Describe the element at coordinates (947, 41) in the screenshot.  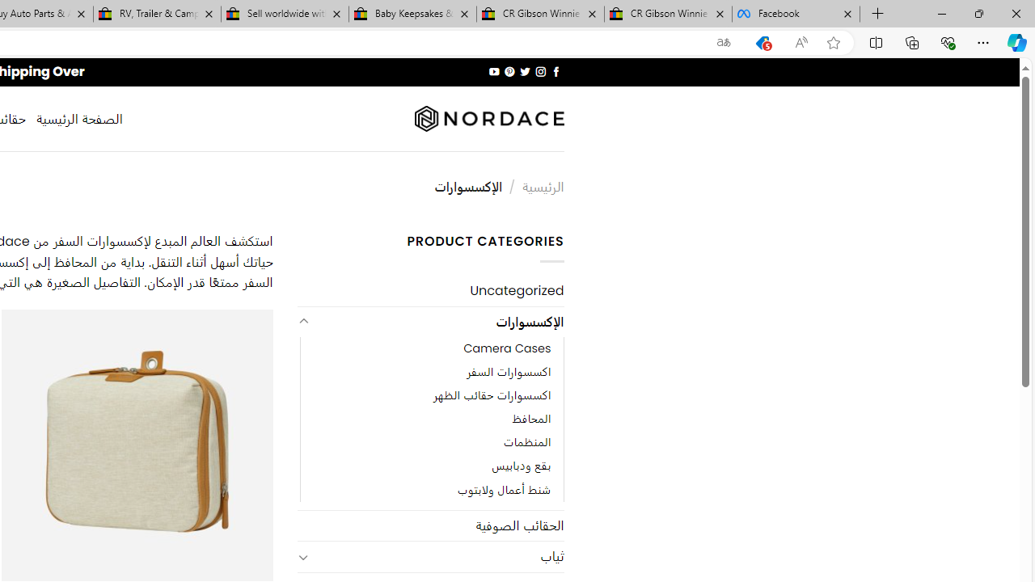
I see `'Browser essentials'` at that location.